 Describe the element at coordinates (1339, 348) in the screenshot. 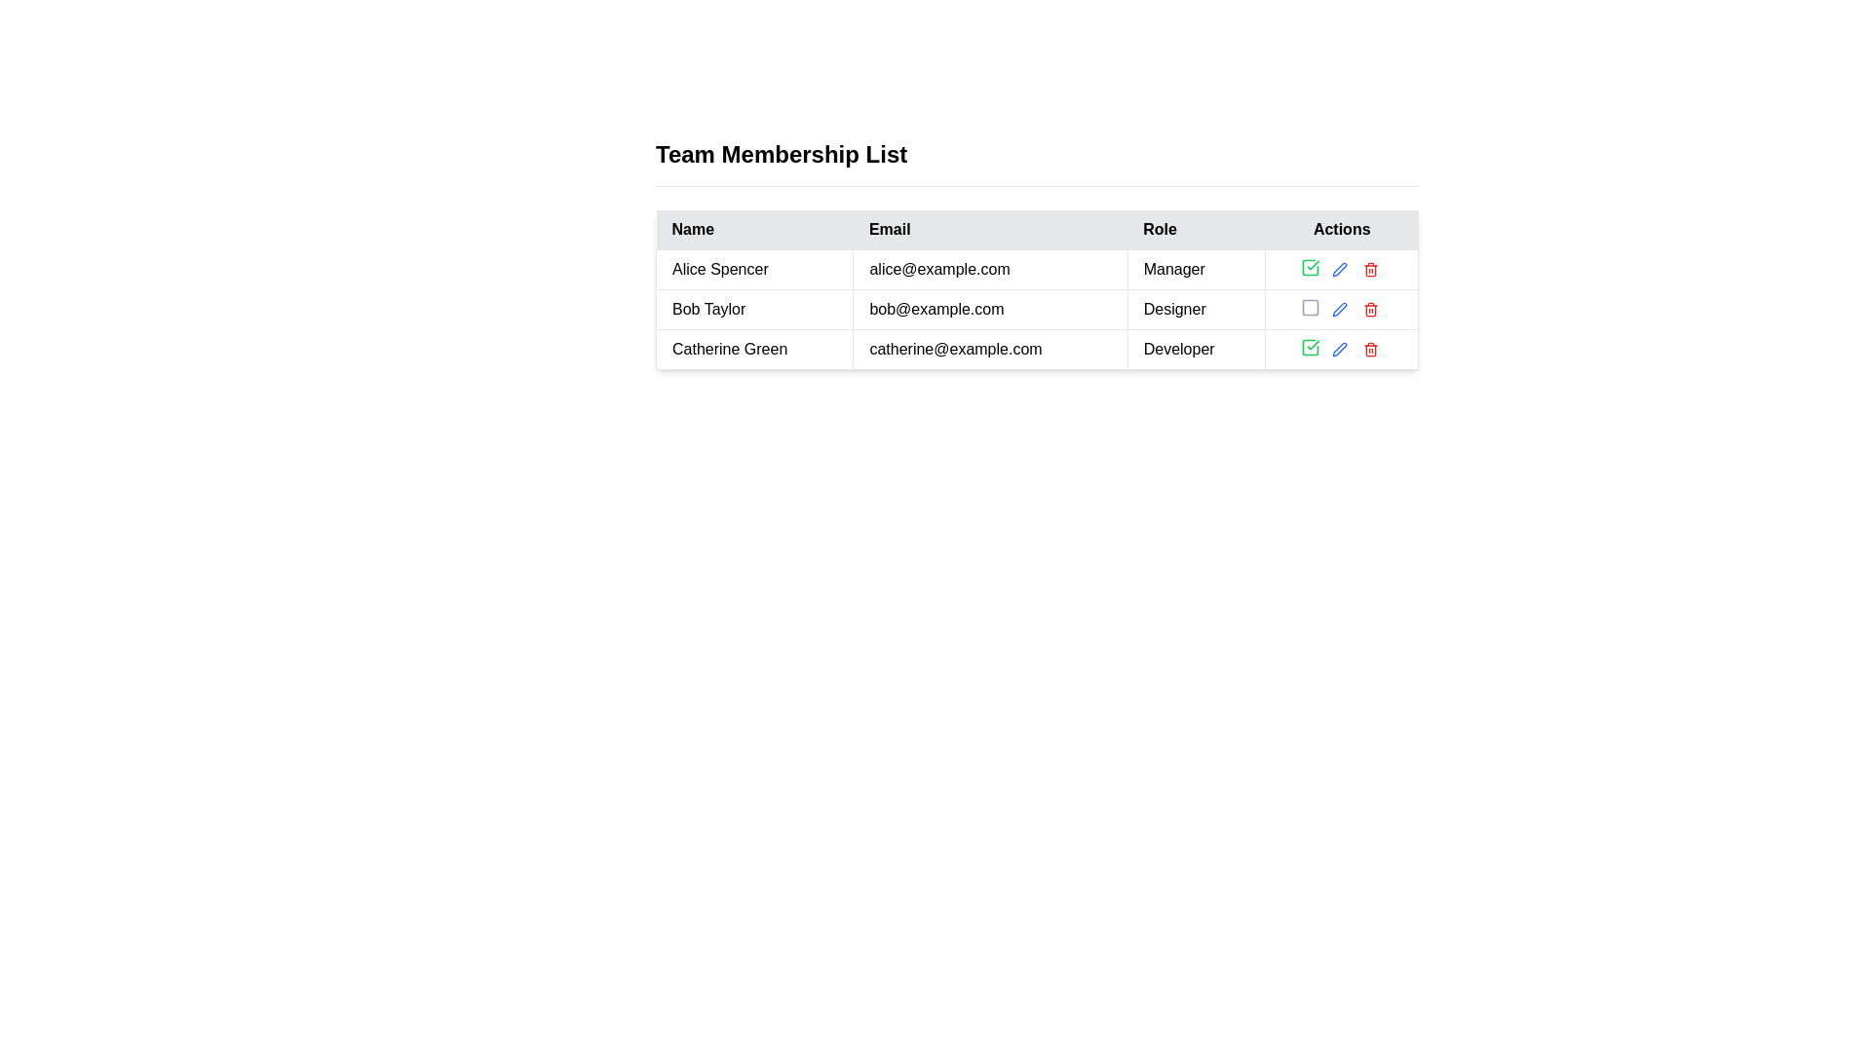

I see `the button in the 'Actions' column of the last row in the table, which is the second clickable component after the green checkmark and before the red trash bin icon` at that location.